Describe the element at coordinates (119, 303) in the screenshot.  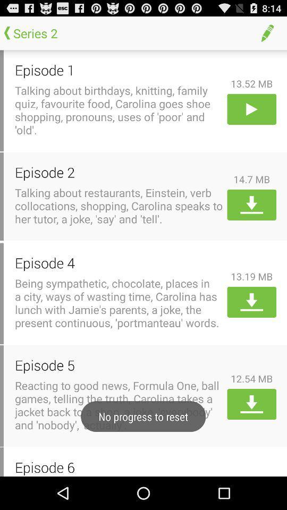
I see `app above episode 5 item` at that location.